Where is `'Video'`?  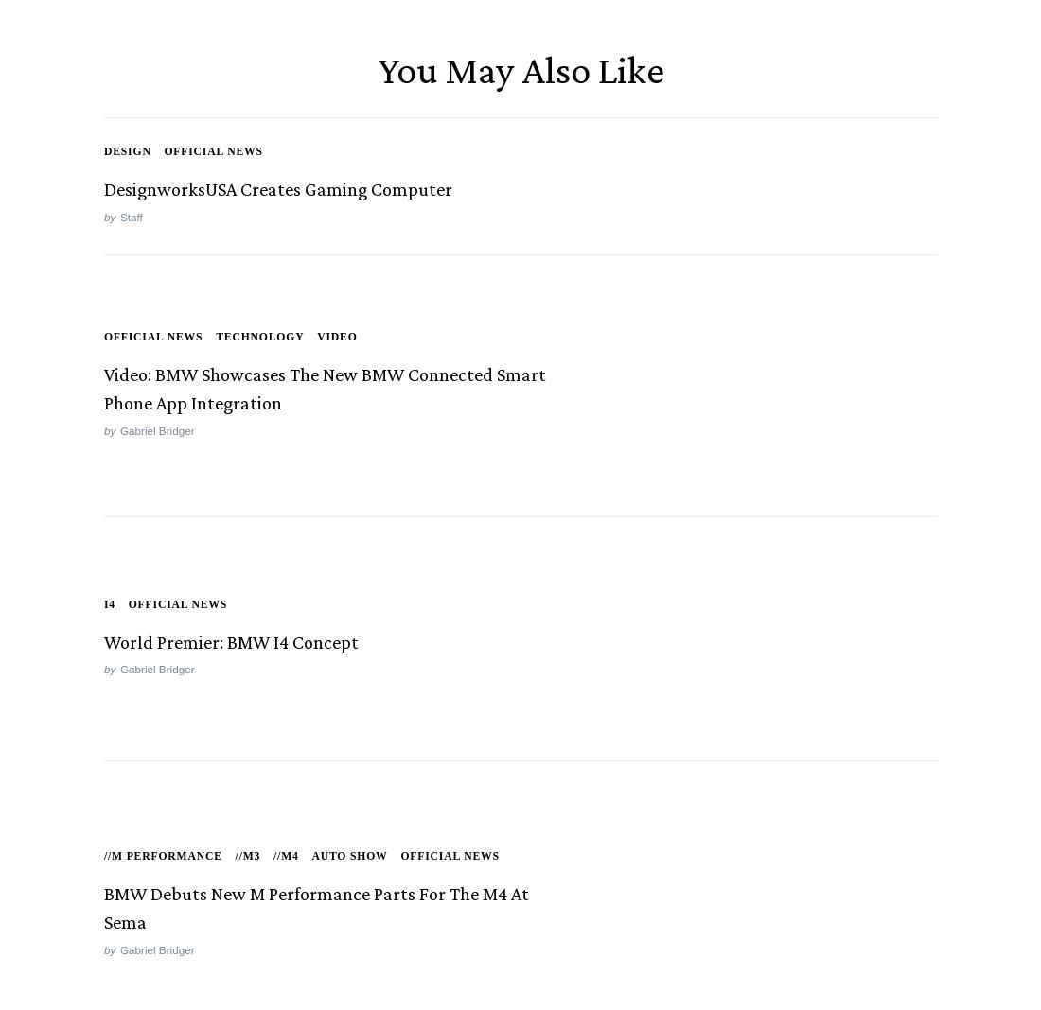 'Video' is located at coordinates (336, 339).